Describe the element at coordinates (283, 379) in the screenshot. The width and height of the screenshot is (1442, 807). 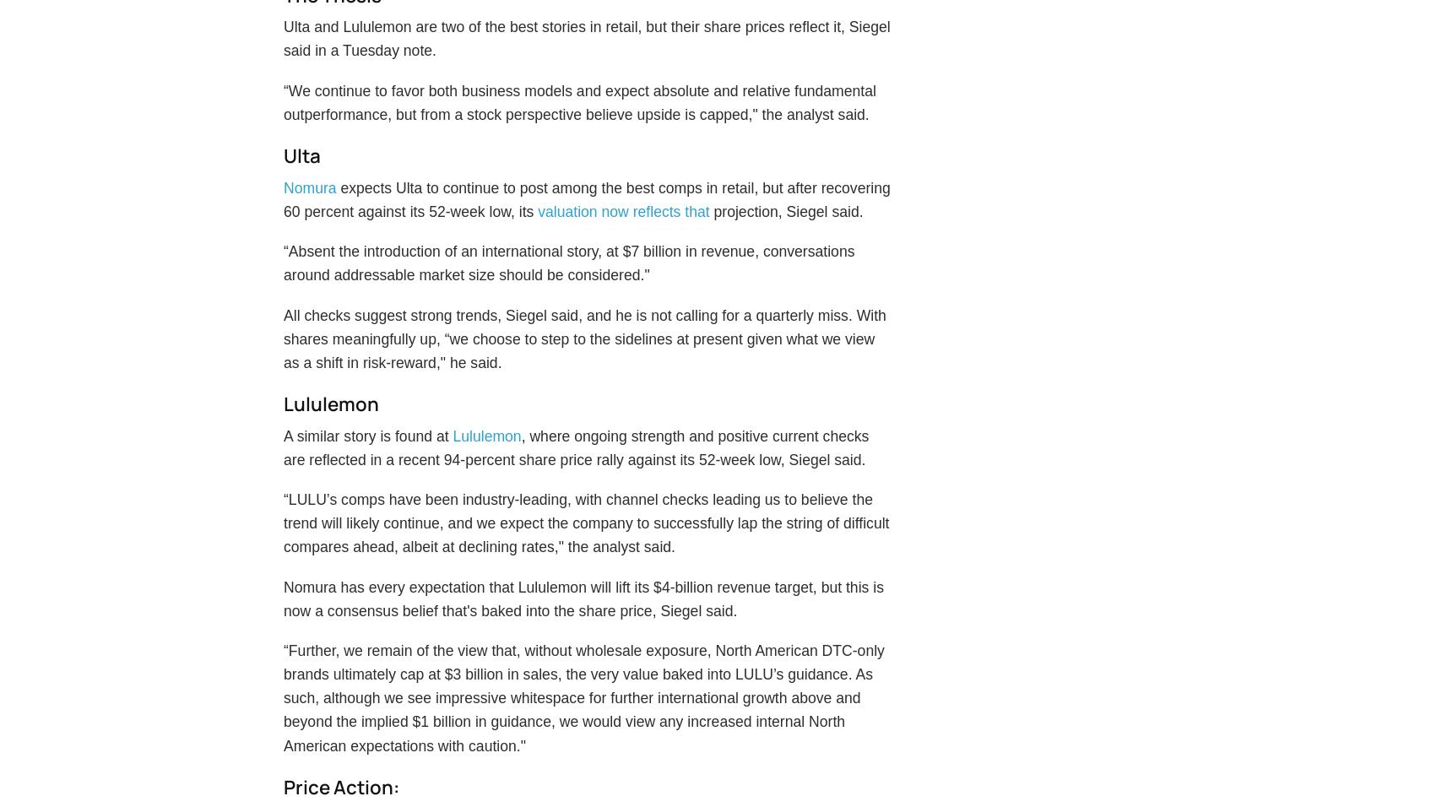
I see `'All checks suggest strong trends, Siegel said, and he is not calling for a quarterly miss. With shares meaningfully up, “we choose to step to the sidelines at present given what we view as a shift in risk-reward," he said.'` at that location.